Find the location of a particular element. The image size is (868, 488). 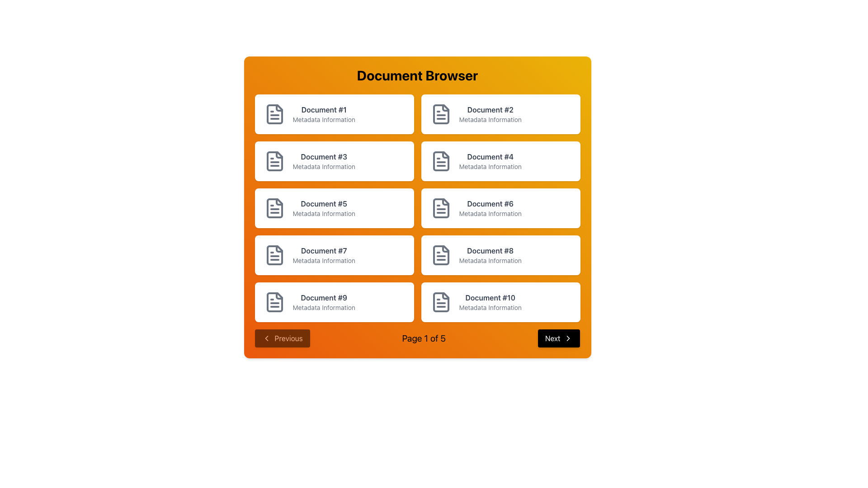

the navigation button located at the bottom-left corner of the interface is located at coordinates (282, 338).